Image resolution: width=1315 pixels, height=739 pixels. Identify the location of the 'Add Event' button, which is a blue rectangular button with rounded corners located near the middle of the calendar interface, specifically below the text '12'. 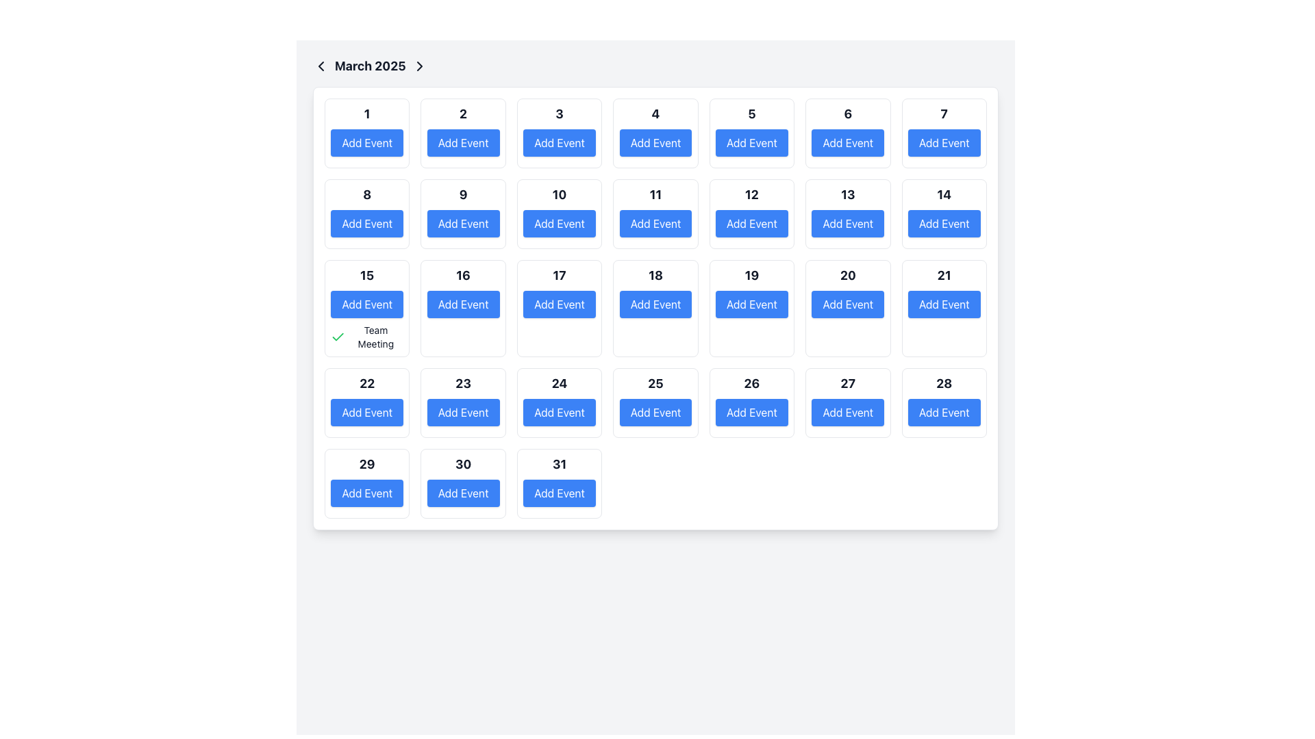
(751, 223).